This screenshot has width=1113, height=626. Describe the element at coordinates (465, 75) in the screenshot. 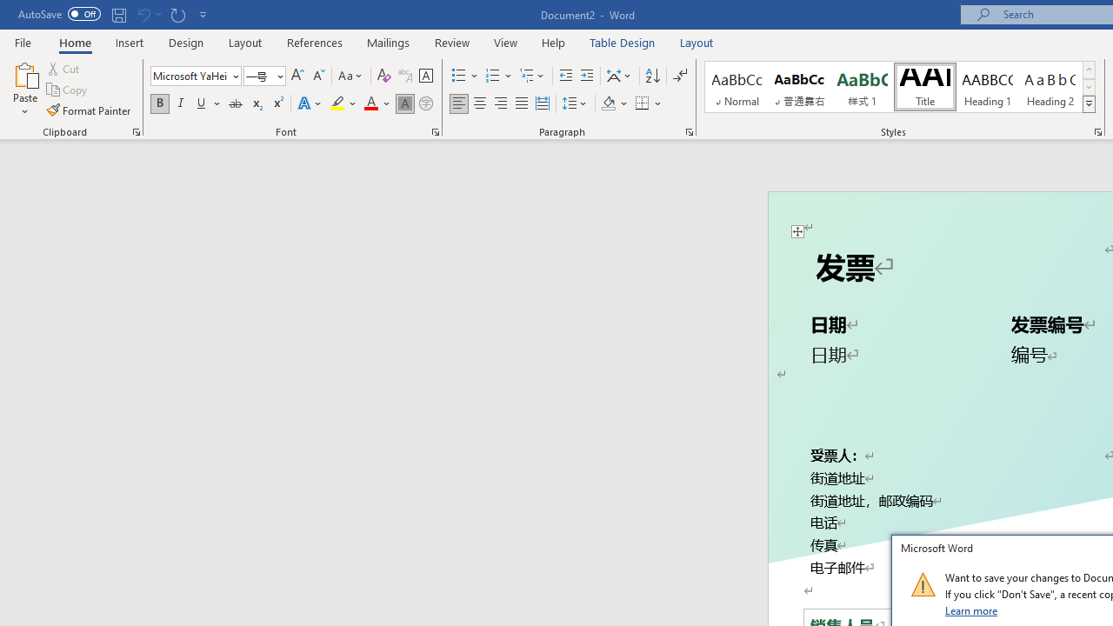

I see `'Bullets'` at that location.